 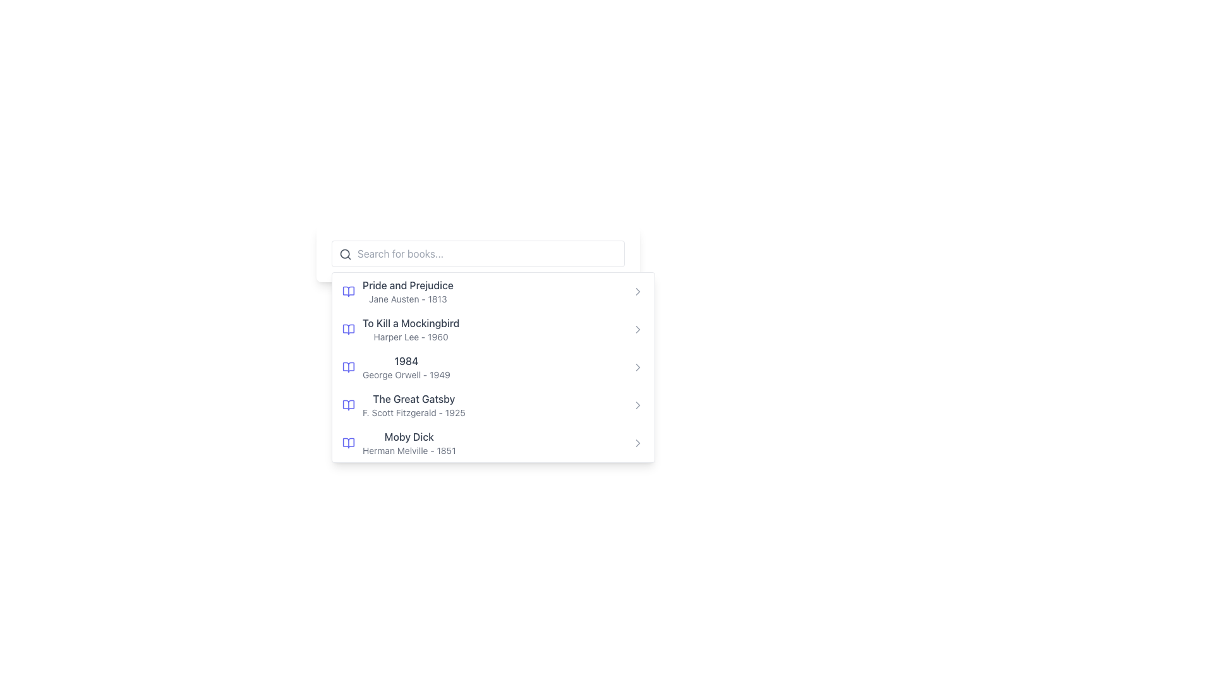 What do you see at coordinates (403, 405) in the screenshot?
I see `the fourth list item displaying book information to open more details` at bounding box center [403, 405].